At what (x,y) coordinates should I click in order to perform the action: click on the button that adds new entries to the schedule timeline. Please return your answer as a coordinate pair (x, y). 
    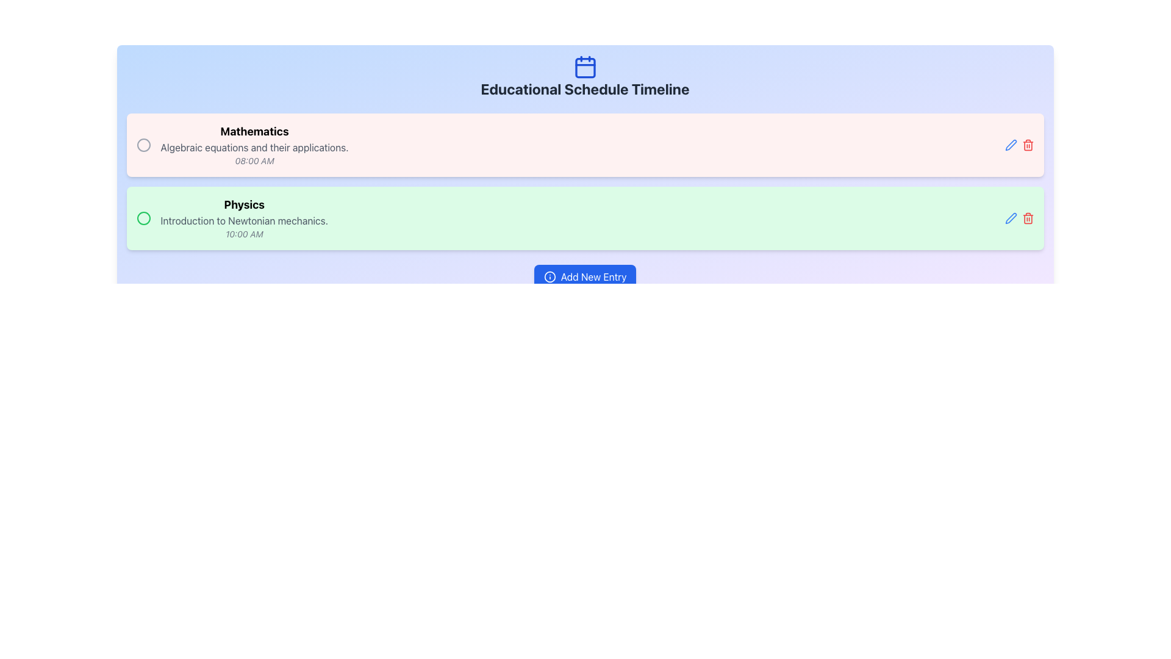
    Looking at the image, I should click on (584, 277).